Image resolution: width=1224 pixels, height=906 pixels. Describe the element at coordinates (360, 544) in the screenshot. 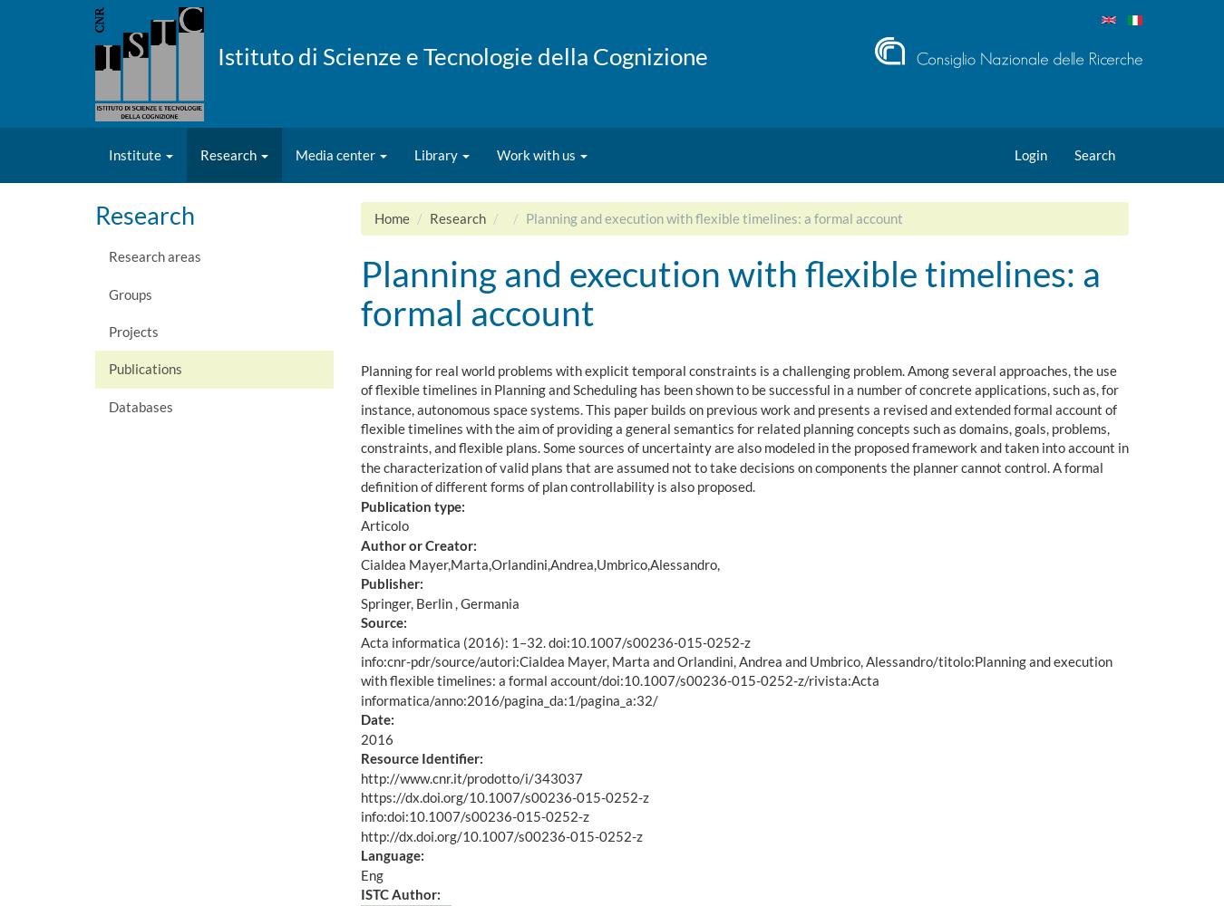

I see `'Author or Creator:'` at that location.